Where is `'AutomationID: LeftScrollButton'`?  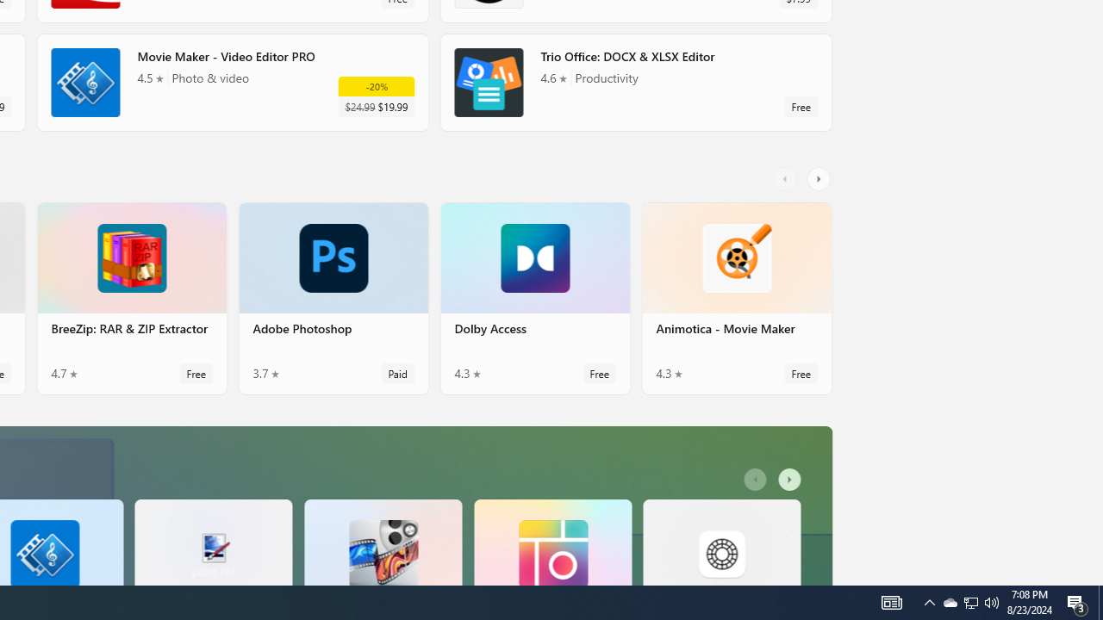 'AutomationID: LeftScrollButton' is located at coordinates (757, 480).